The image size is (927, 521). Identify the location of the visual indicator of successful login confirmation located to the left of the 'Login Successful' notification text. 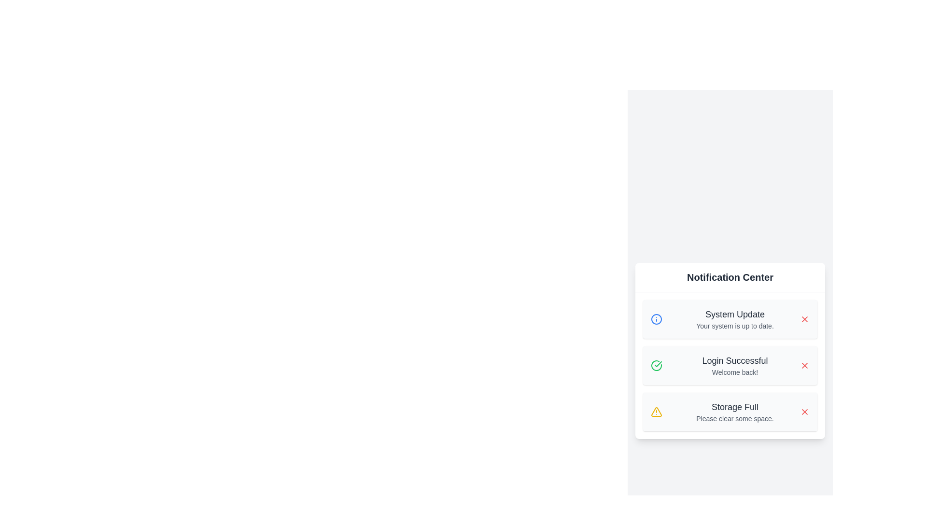
(660, 365).